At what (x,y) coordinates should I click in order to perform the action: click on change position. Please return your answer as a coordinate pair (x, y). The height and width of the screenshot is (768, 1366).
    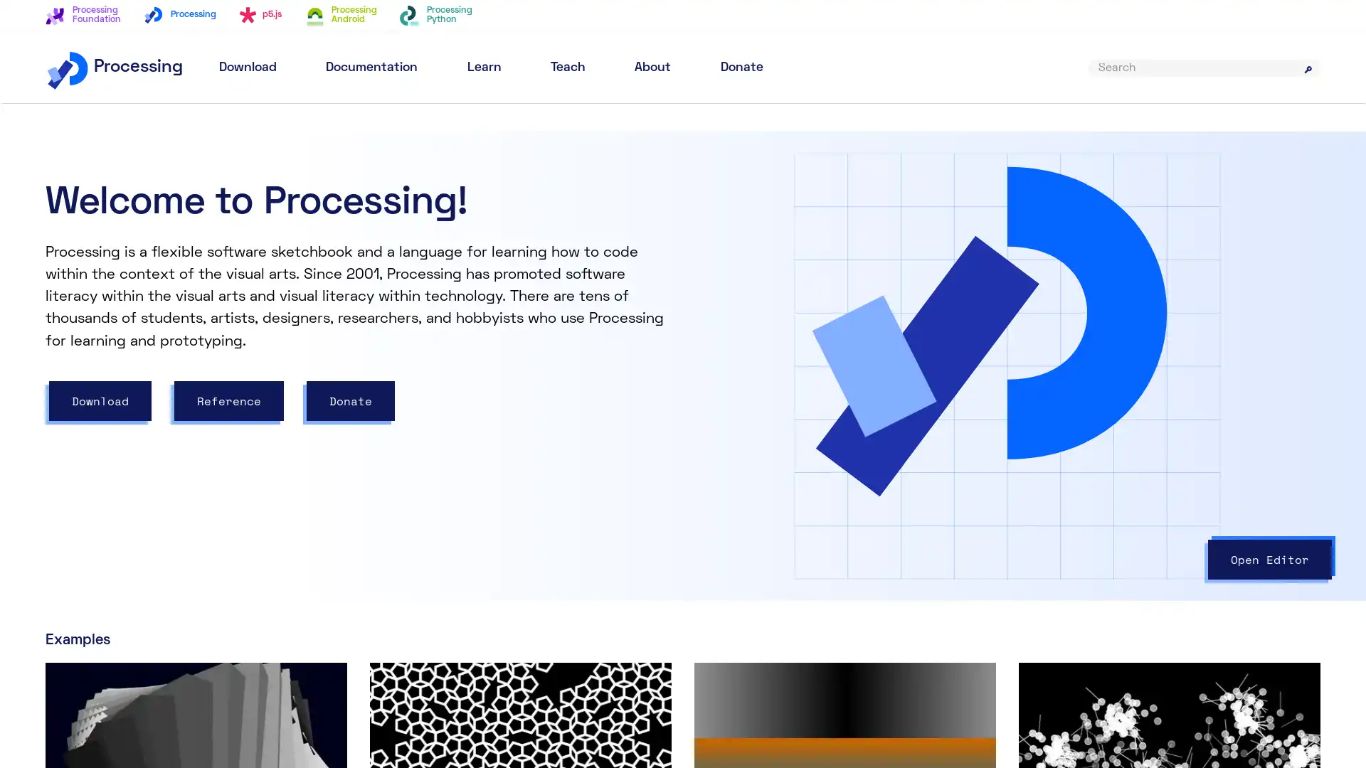
    Looking at the image, I should click on (1041, 390).